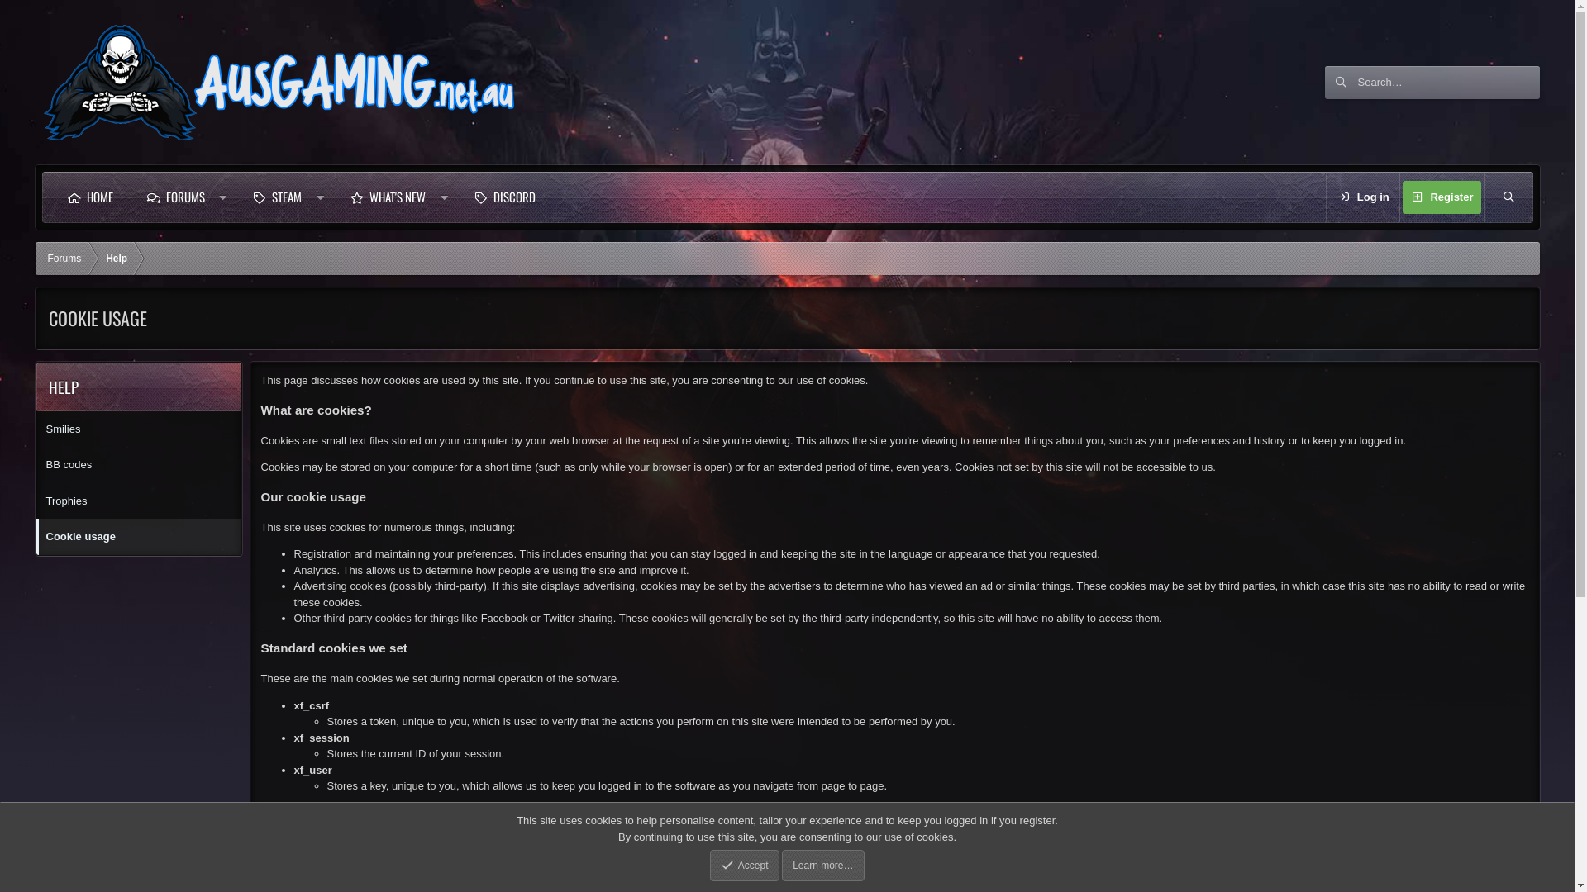  I want to click on 'Help', so click(115, 258).